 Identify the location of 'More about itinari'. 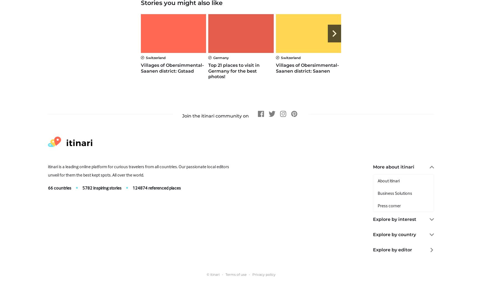
(373, 167).